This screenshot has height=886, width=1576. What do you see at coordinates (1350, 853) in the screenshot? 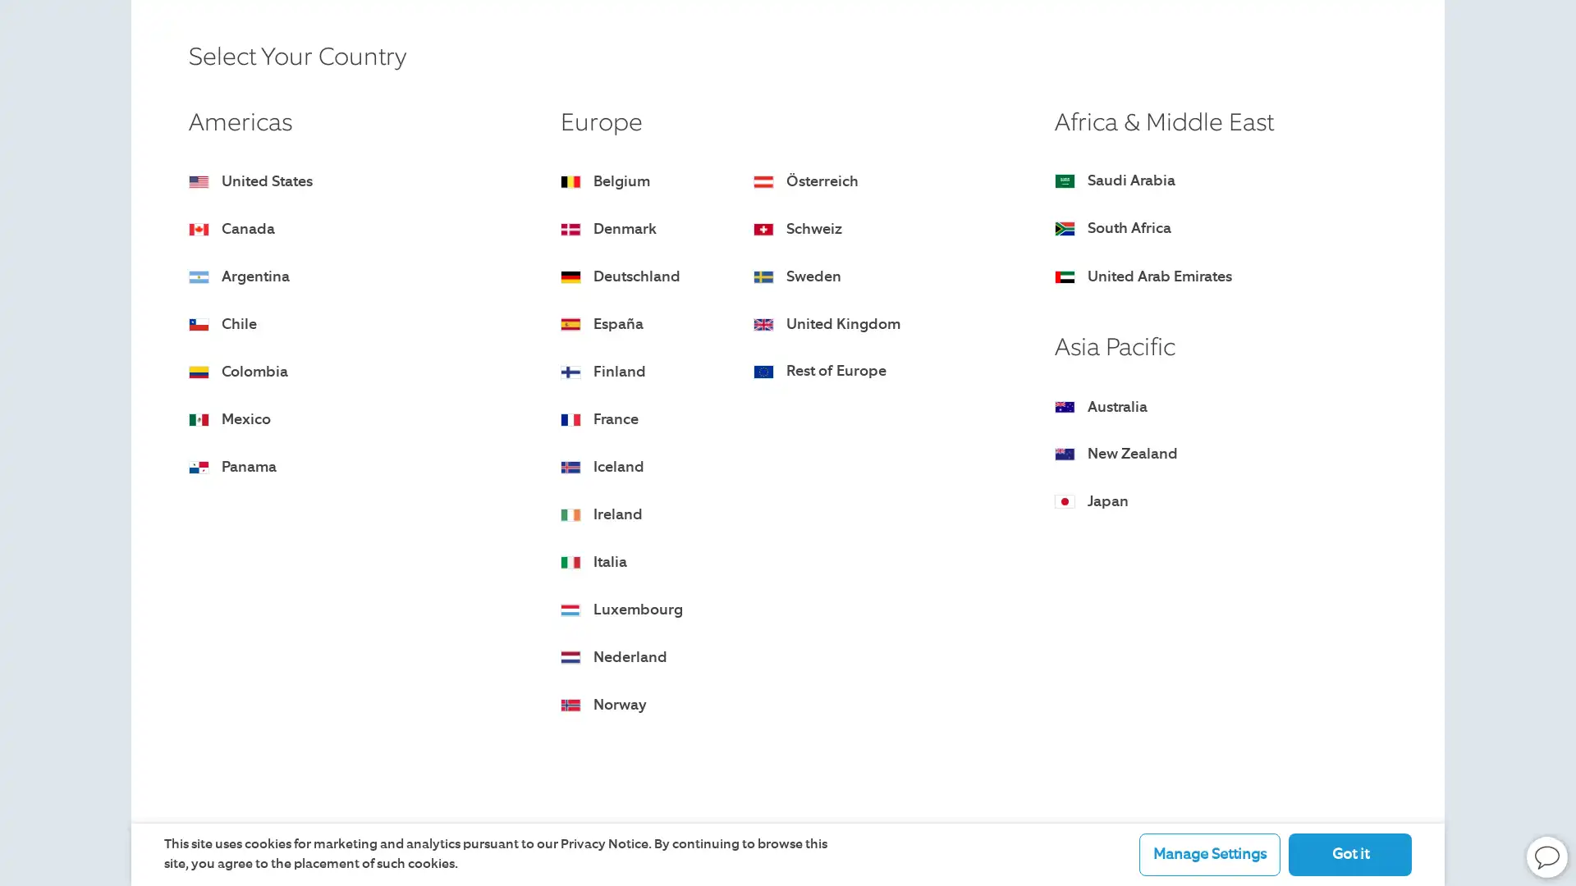
I see `Got it` at bounding box center [1350, 853].